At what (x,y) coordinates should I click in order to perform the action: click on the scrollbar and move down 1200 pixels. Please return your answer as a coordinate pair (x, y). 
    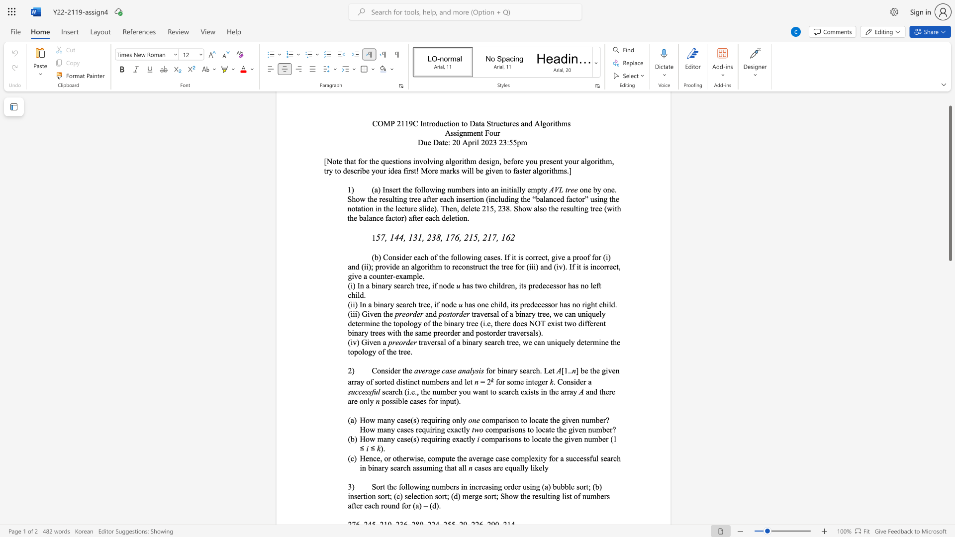
    Looking at the image, I should click on (950, 183).